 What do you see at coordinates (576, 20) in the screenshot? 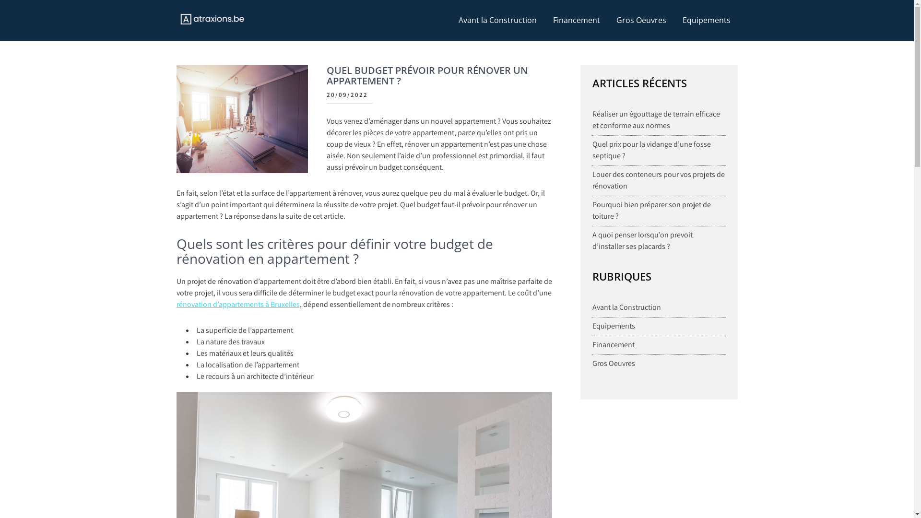
I see `'Financement'` at bounding box center [576, 20].